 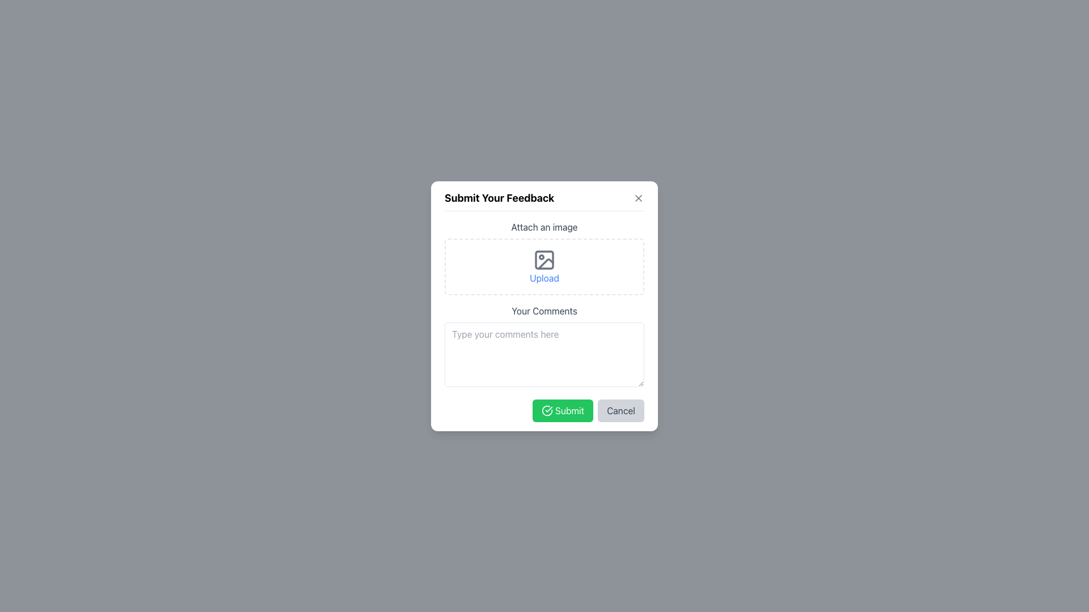 I want to click on inside the 'Your Comments' text area of the feedback dialog to type comments, so click(x=544, y=321).